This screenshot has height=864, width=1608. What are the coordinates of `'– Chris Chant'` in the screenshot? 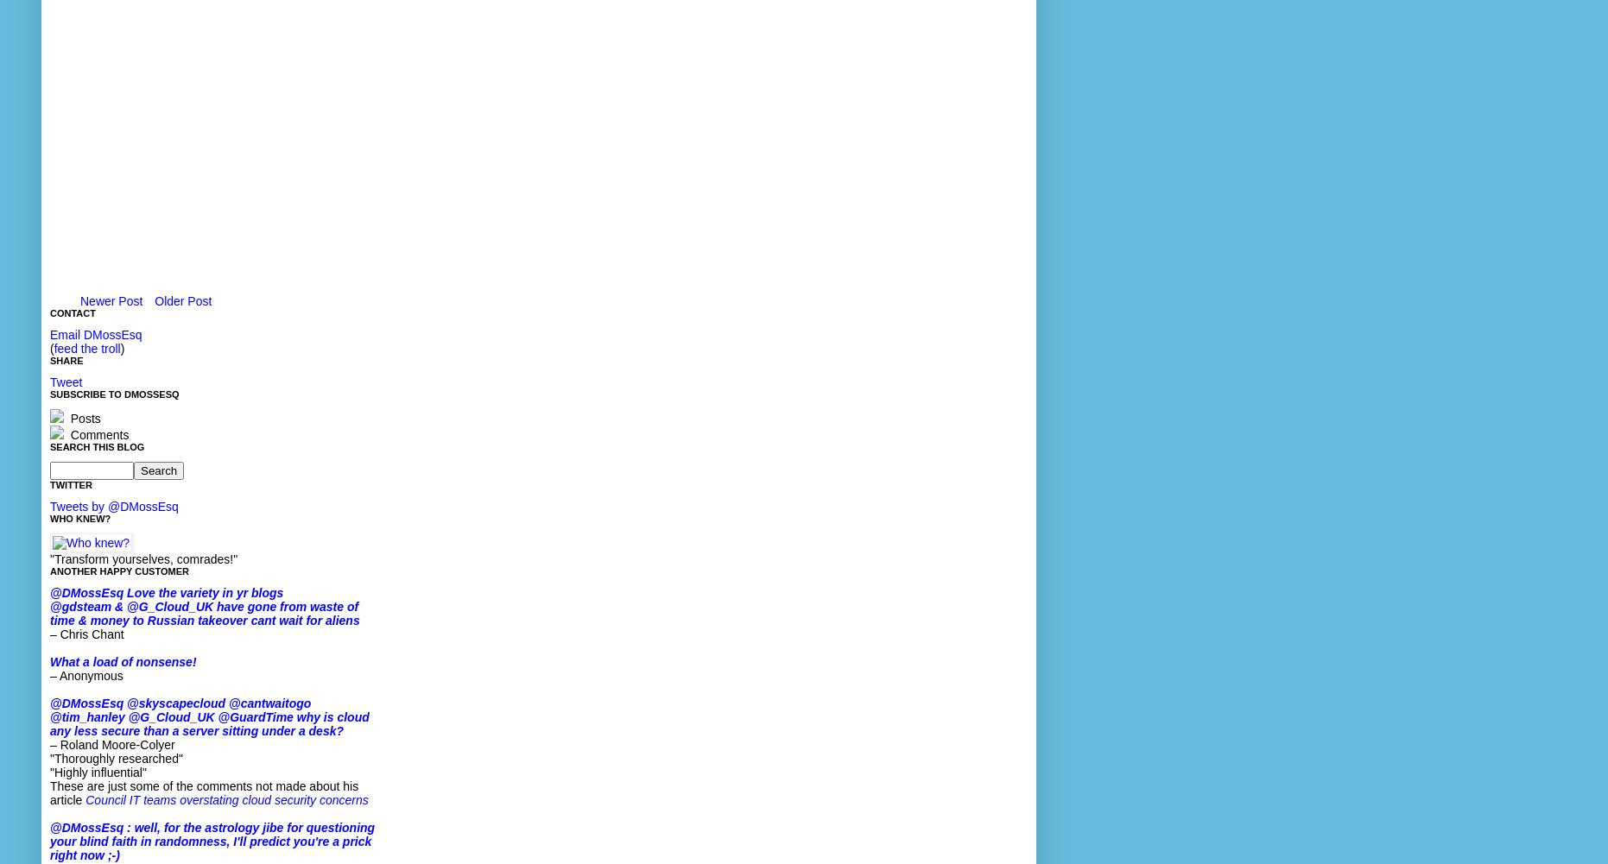 It's located at (86, 634).